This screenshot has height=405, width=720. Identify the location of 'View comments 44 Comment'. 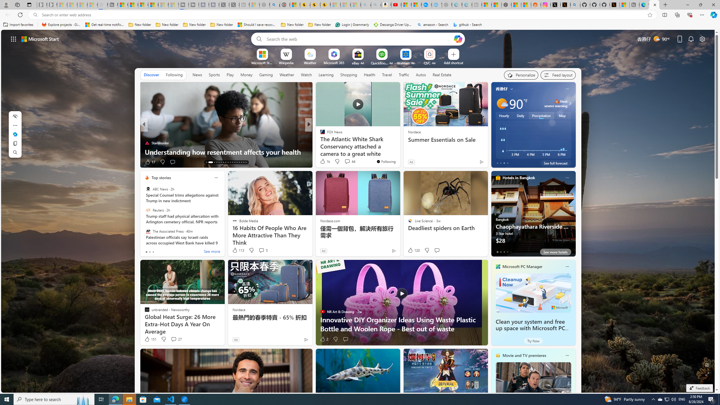
(349, 161).